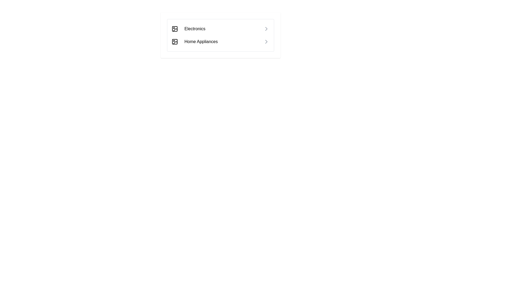 The height and width of the screenshot is (289, 514). What do you see at coordinates (221, 35) in the screenshot?
I see `the 'Electronics' section of the menu` at bounding box center [221, 35].